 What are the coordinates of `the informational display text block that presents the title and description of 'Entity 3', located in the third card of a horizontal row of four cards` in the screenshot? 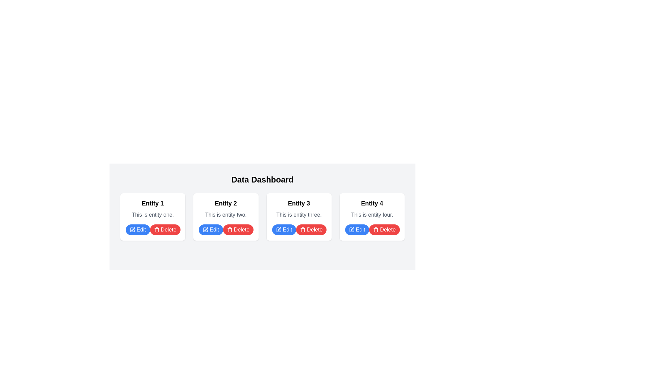 It's located at (298, 208).